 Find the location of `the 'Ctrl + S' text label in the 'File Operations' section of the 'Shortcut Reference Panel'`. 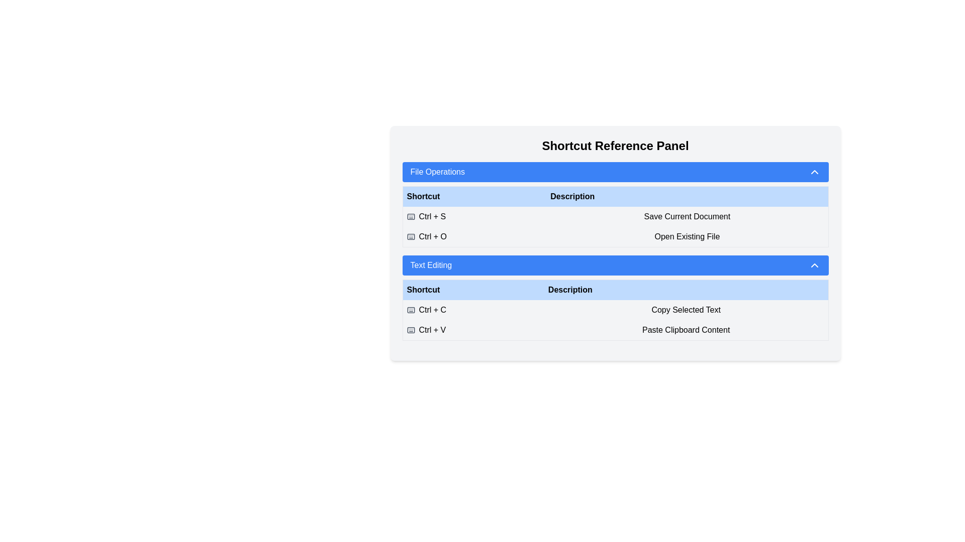

the 'Ctrl + S' text label in the 'File Operations' section of the 'Shortcut Reference Panel' is located at coordinates (432, 216).